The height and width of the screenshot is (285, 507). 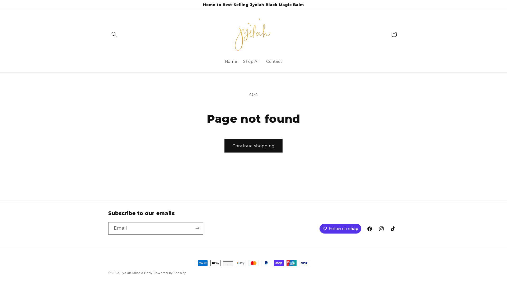 I want to click on 'Jyelah Mind & Body', so click(x=137, y=273).